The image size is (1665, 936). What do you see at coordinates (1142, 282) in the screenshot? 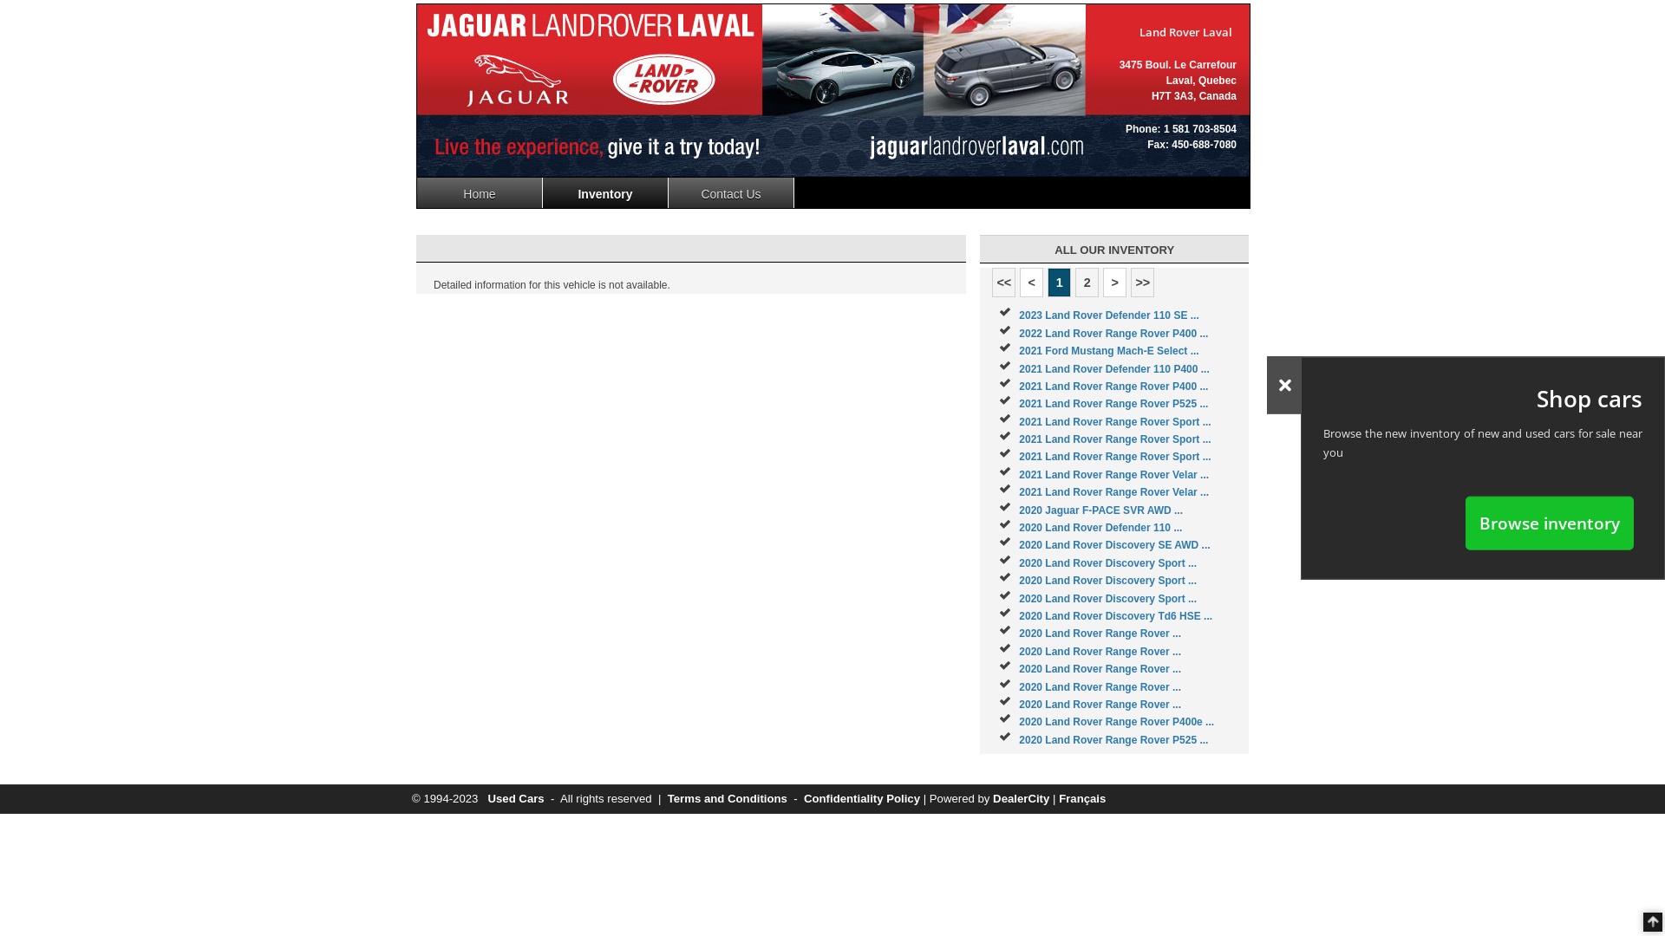
I see `'>>'` at bounding box center [1142, 282].